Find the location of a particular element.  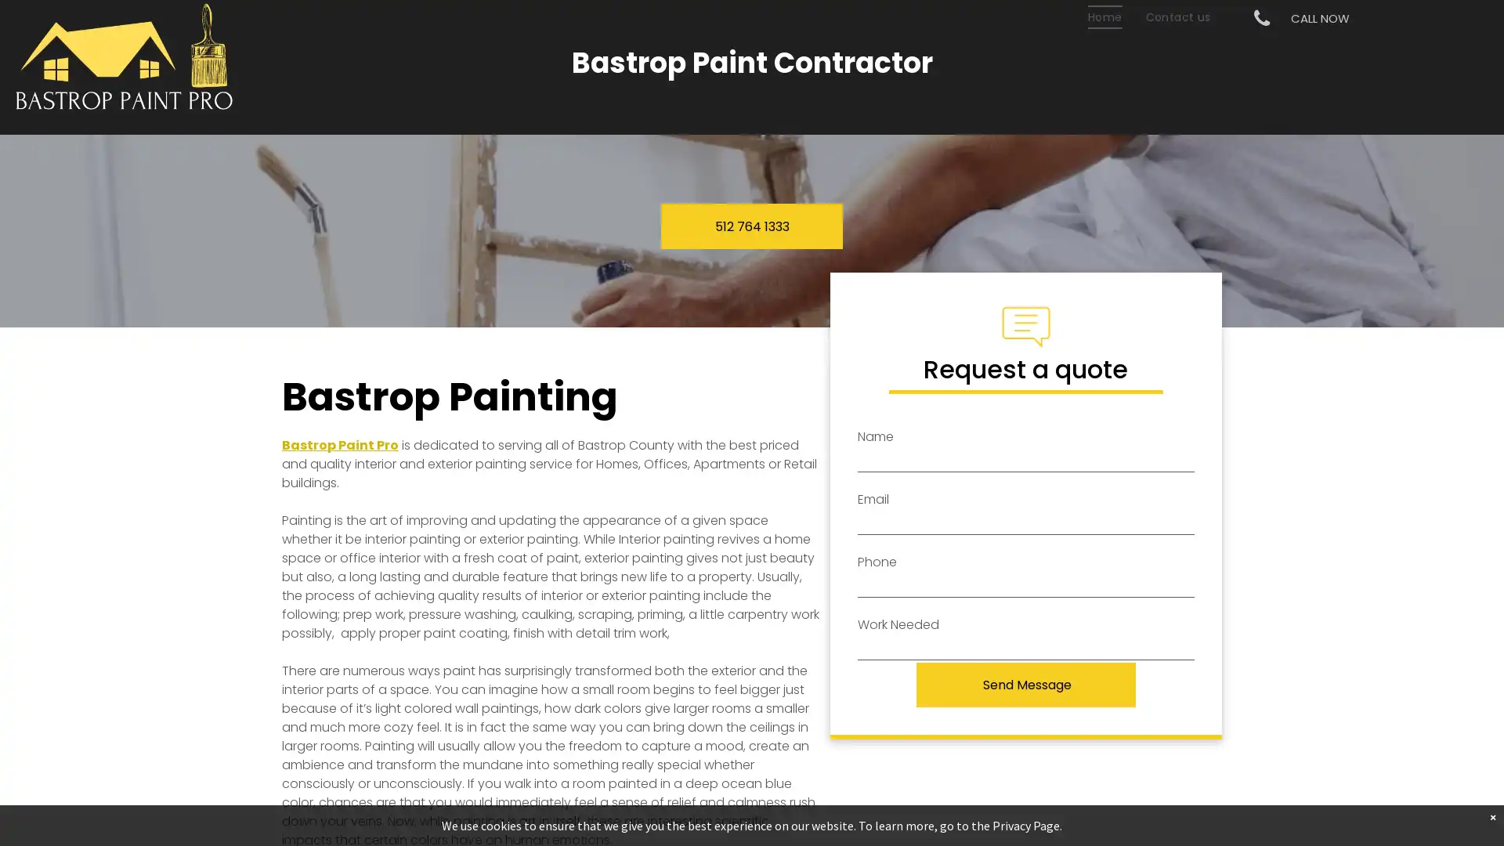

Send Message is located at coordinates (1027, 684).